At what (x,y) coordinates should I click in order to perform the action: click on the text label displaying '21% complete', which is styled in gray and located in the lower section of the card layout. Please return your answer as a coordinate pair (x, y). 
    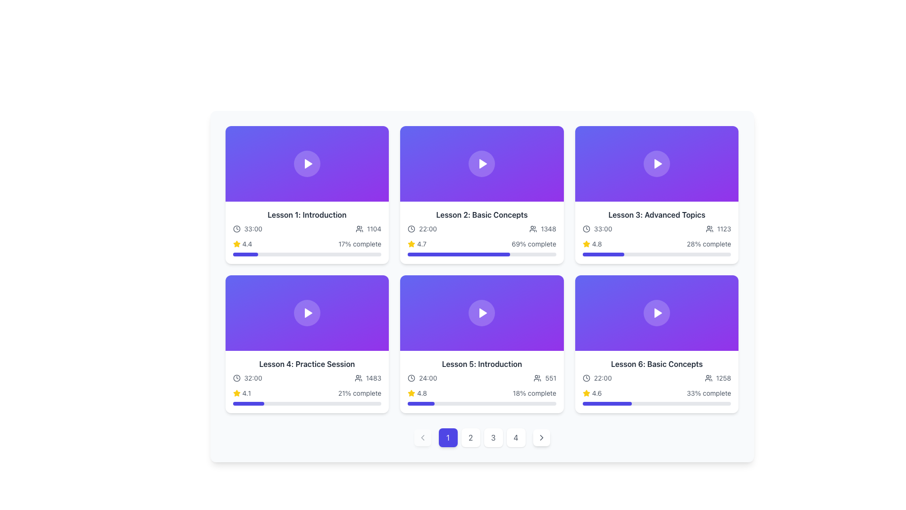
    Looking at the image, I should click on (359, 393).